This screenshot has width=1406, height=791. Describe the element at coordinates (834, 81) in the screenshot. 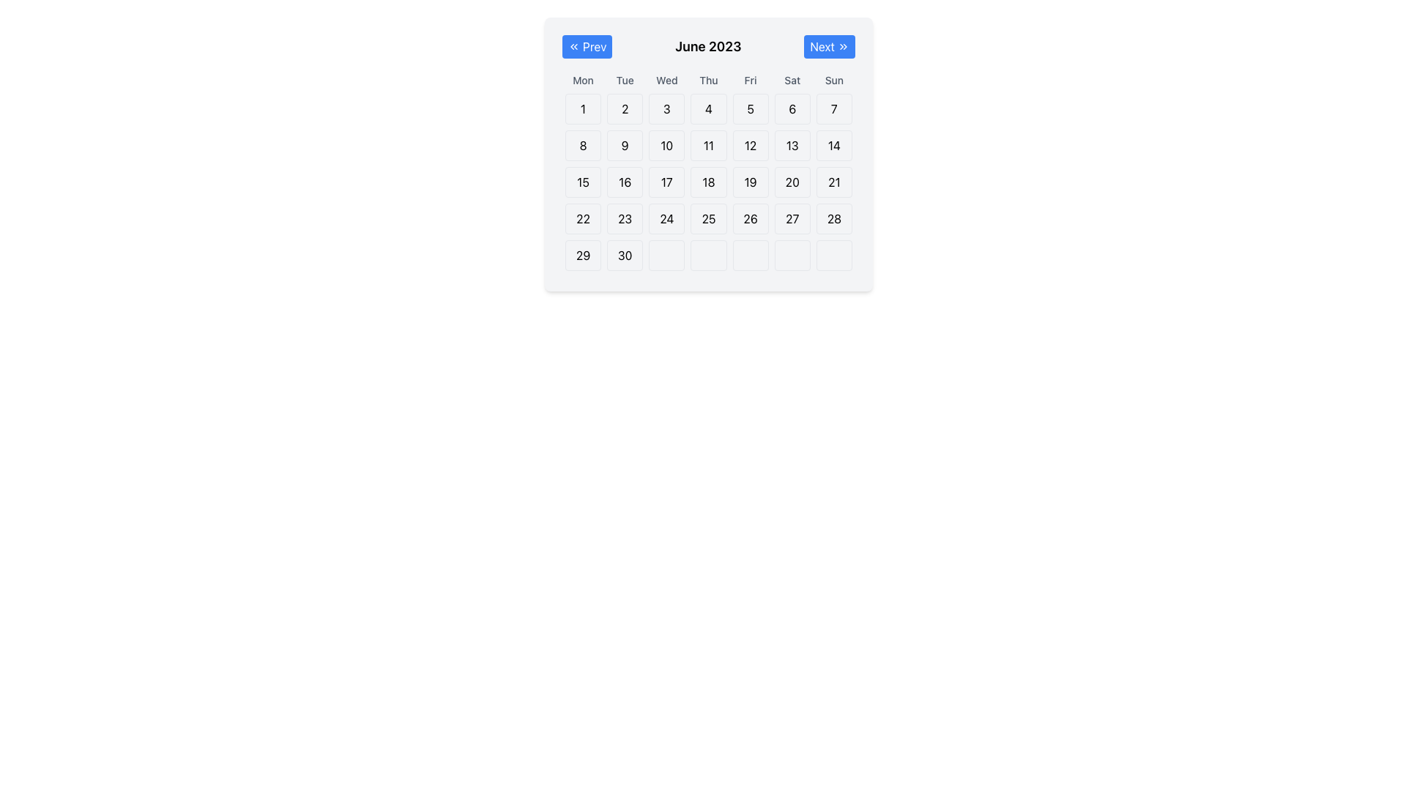

I see `the text label for Sunday, which is the seventh column in the calendar grid located in the top right of the calendar interface` at that location.